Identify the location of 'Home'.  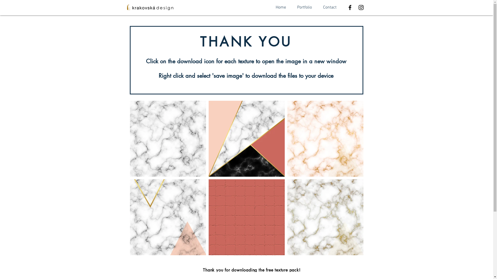
(269, 7).